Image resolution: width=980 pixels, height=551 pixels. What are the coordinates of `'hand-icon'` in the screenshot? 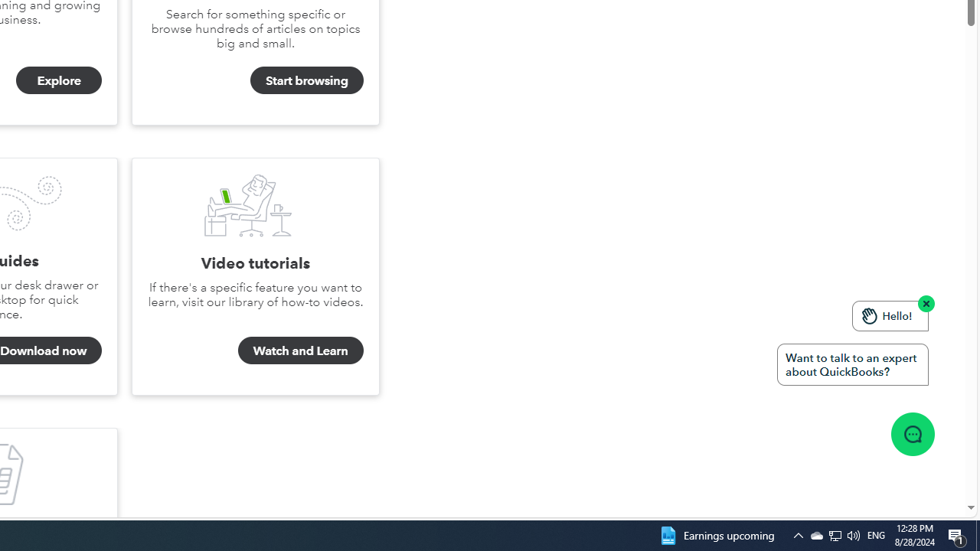 It's located at (870, 315).